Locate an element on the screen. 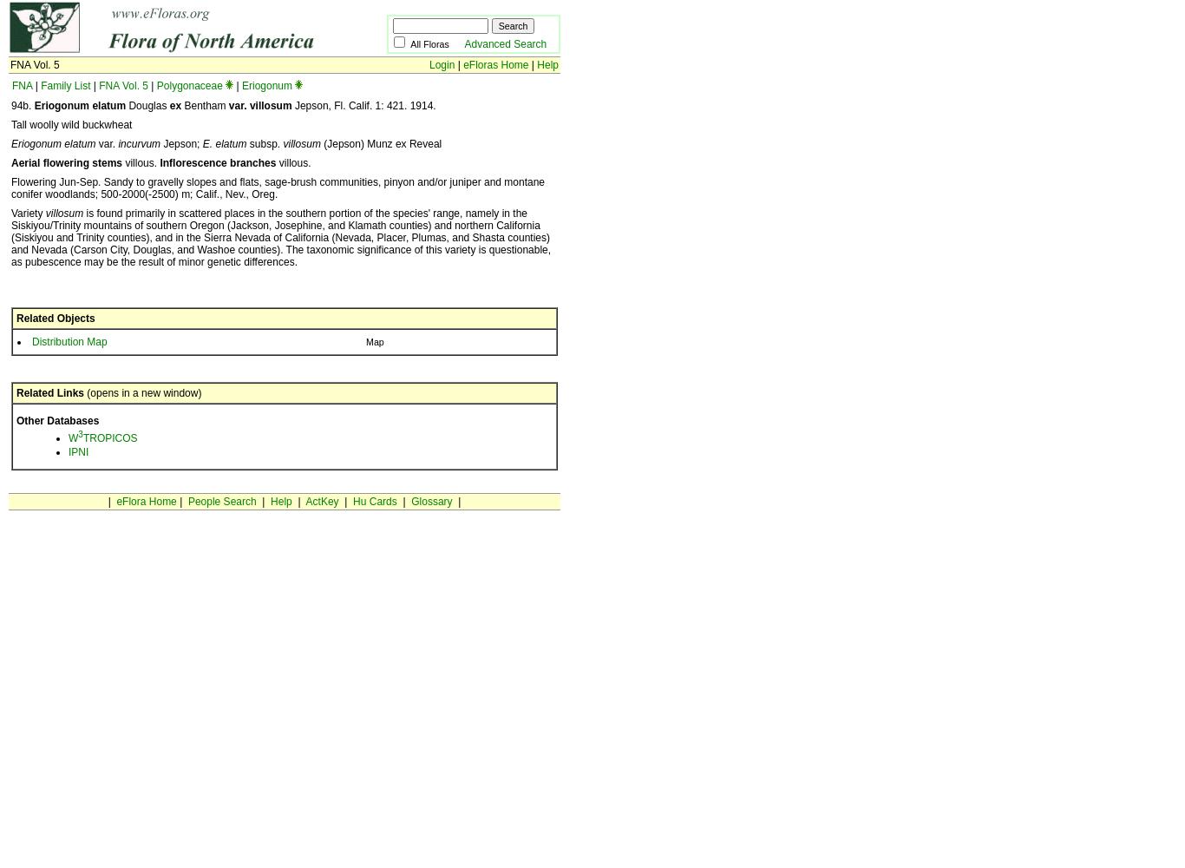 The width and height of the screenshot is (1185, 868). 'Variety' is located at coordinates (28, 213).